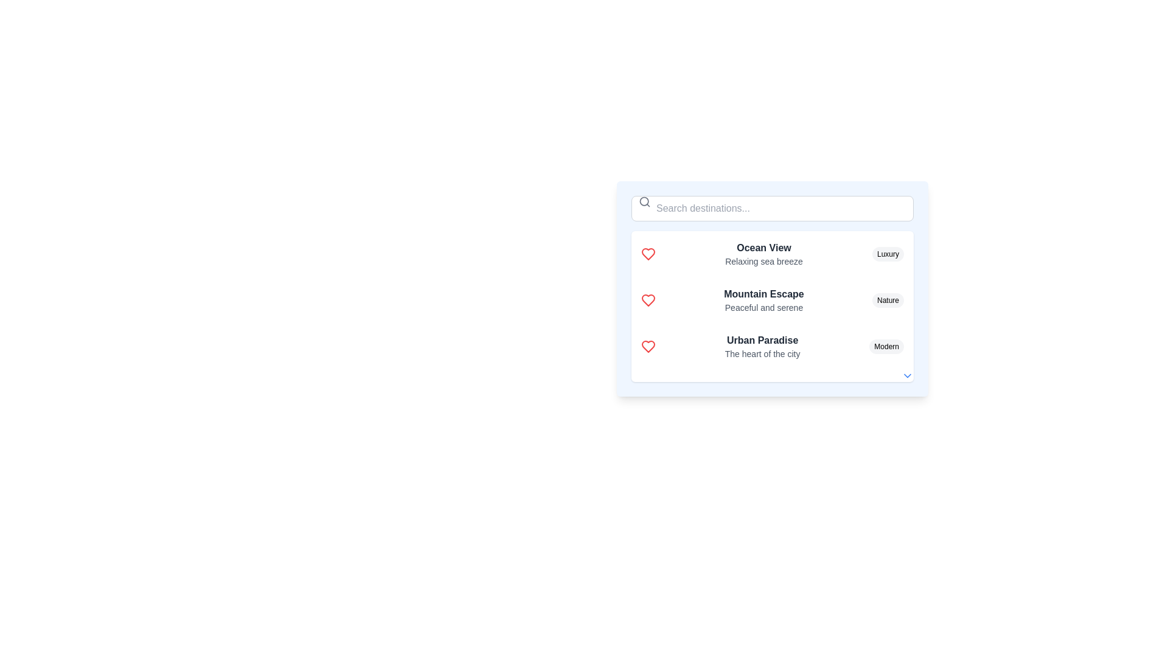  I want to click on the 'Luxury' label, so click(888, 253).